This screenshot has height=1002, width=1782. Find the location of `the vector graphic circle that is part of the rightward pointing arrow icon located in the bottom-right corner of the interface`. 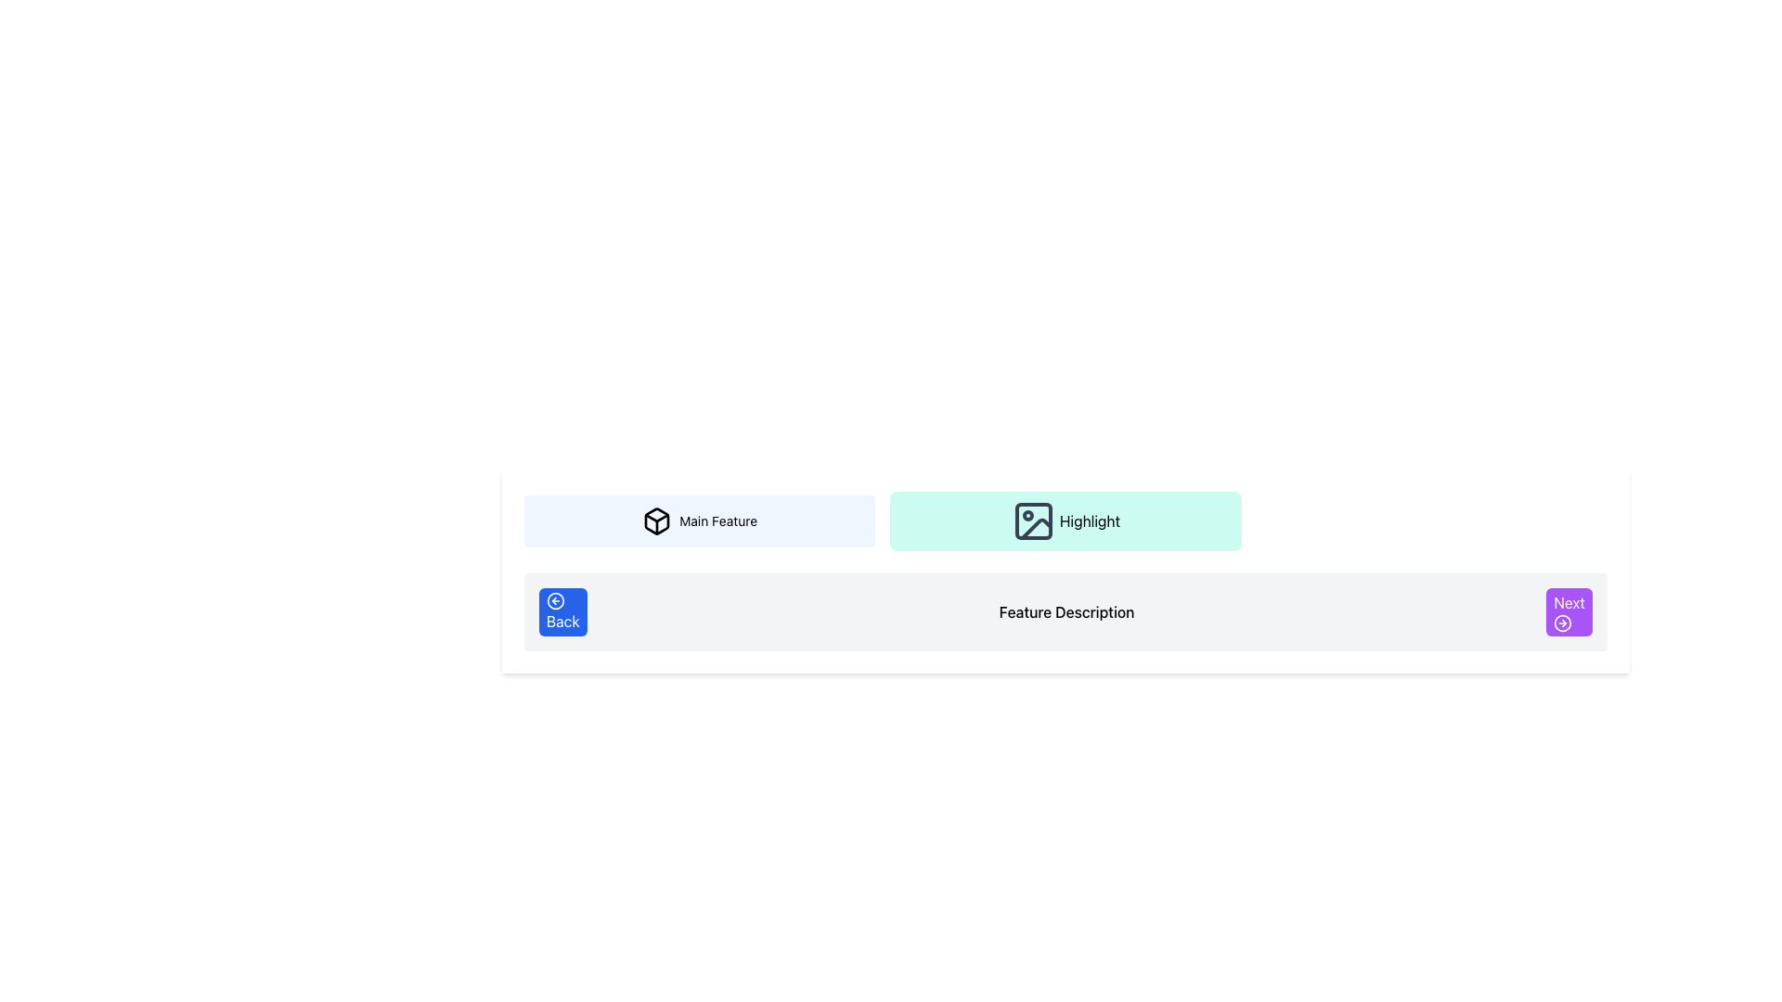

the vector graphic circle that is part of the rightward pointing arrow icon located in the bottom-right corner of the interface is located at coordinates (1562, 623).